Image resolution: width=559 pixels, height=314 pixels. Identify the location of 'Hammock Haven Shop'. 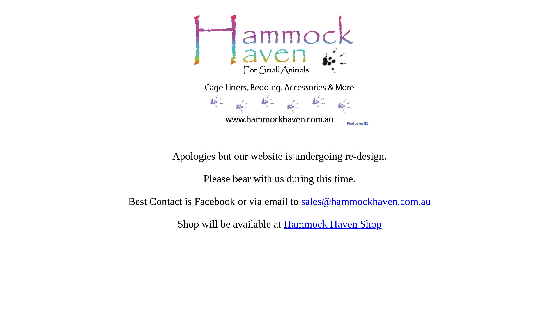
(332, 224).